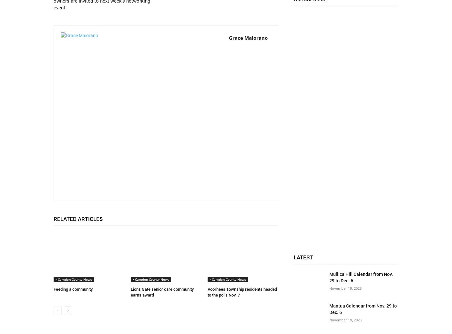  I want to click on 'Feeding a community', so click(54, 289).